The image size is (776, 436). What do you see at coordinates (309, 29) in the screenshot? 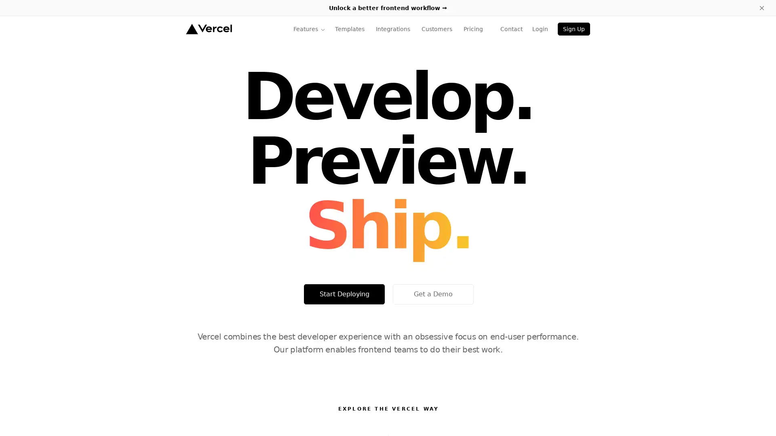
I see `Features` at bounding box center [309, 29].